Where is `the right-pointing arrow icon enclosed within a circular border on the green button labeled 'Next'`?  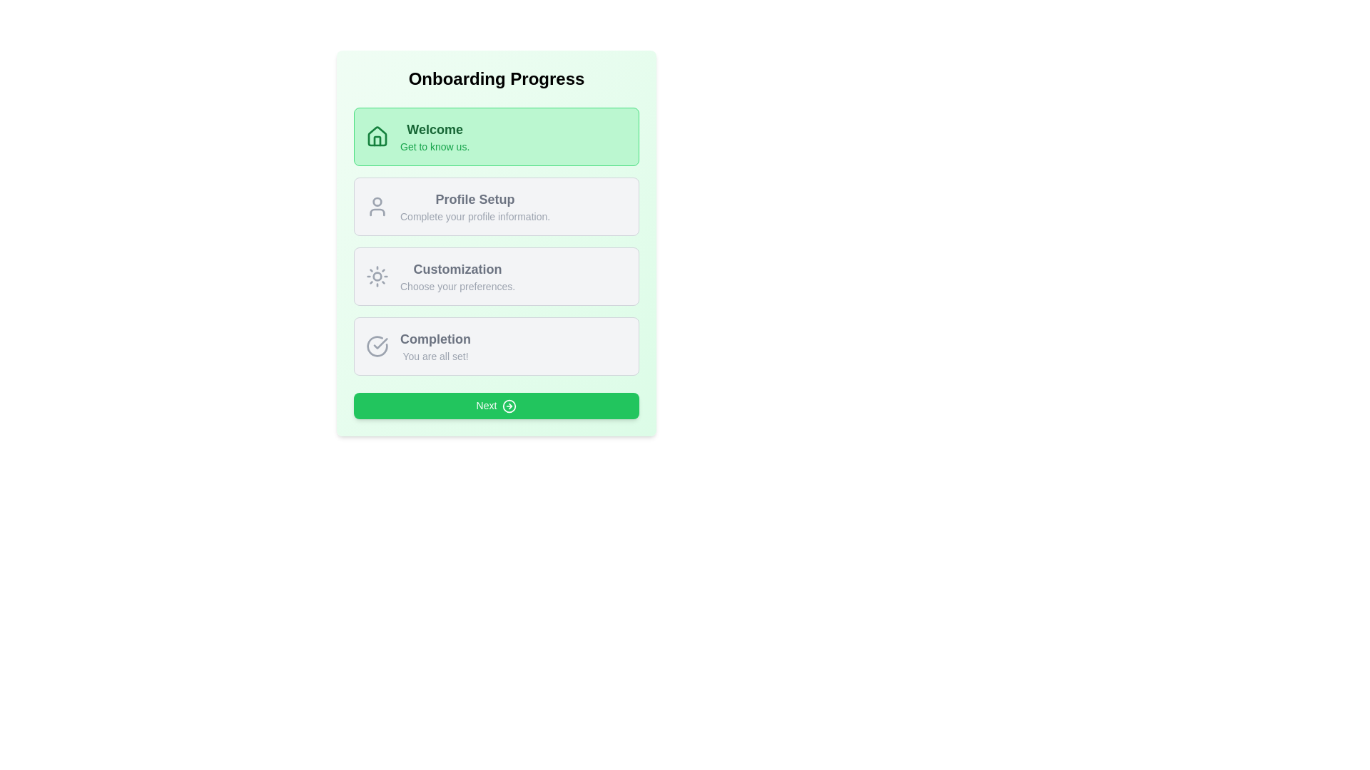 the right-pointing arrow icon enclosed within a circular border on the green button labeled 'Next' is located at coordinates (509, 406).